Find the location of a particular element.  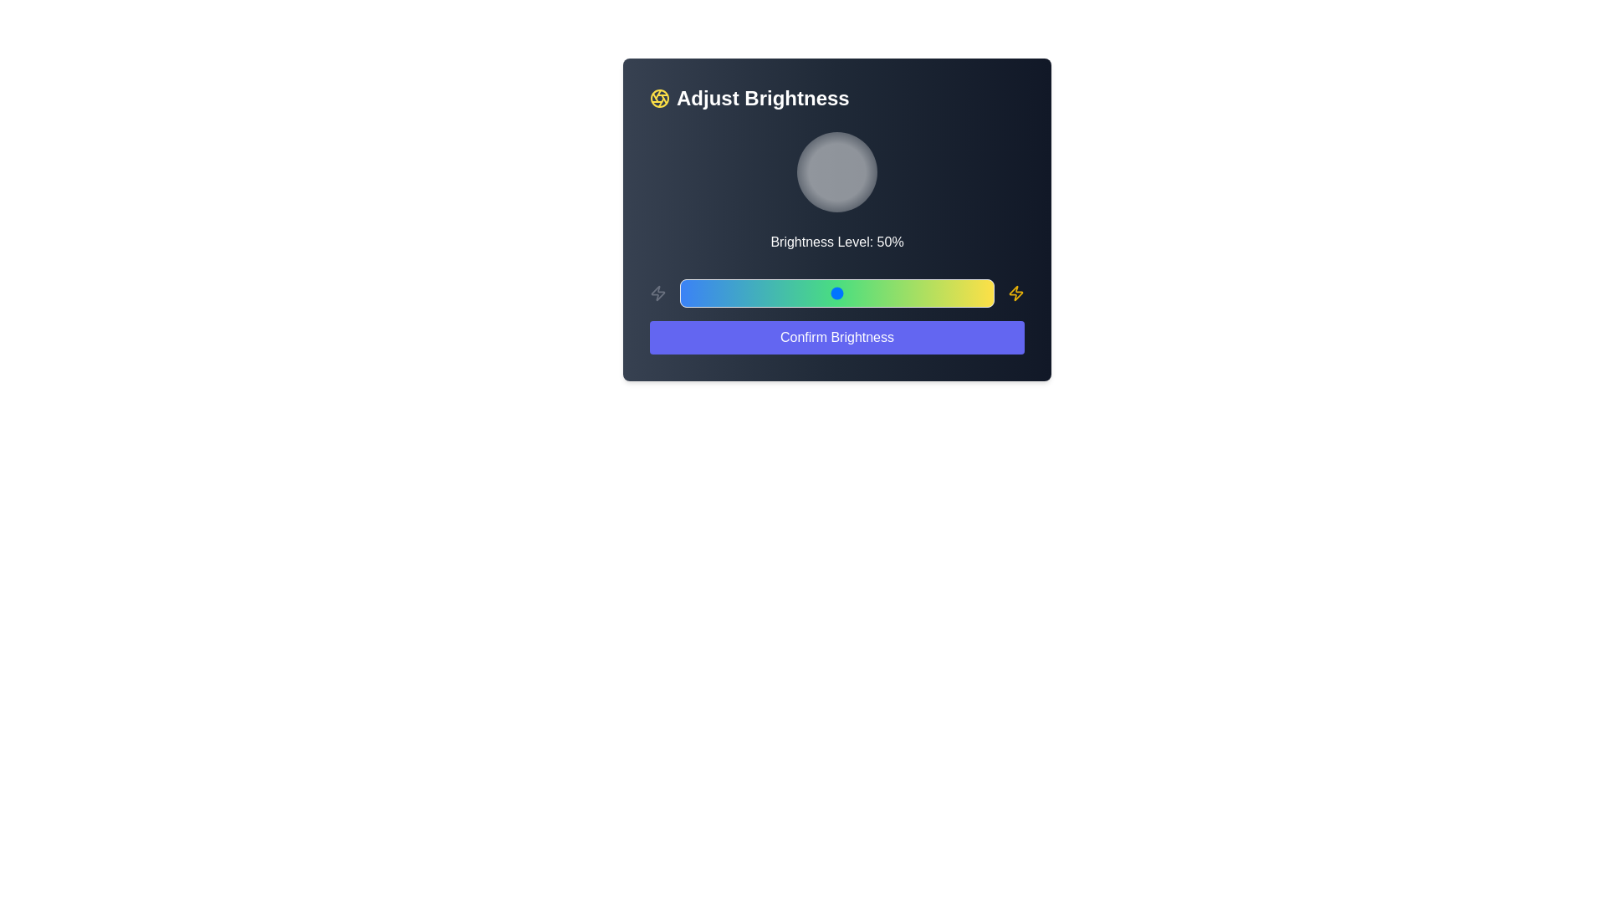

the brightness slider to 54% is located at coordinates (850, 293).